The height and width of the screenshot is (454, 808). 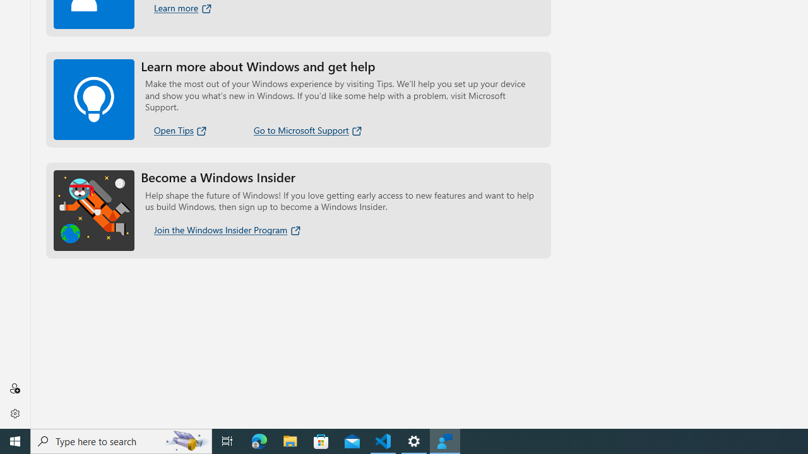 I want to click on 'Microsoft Store', so click(x=321, y=440).